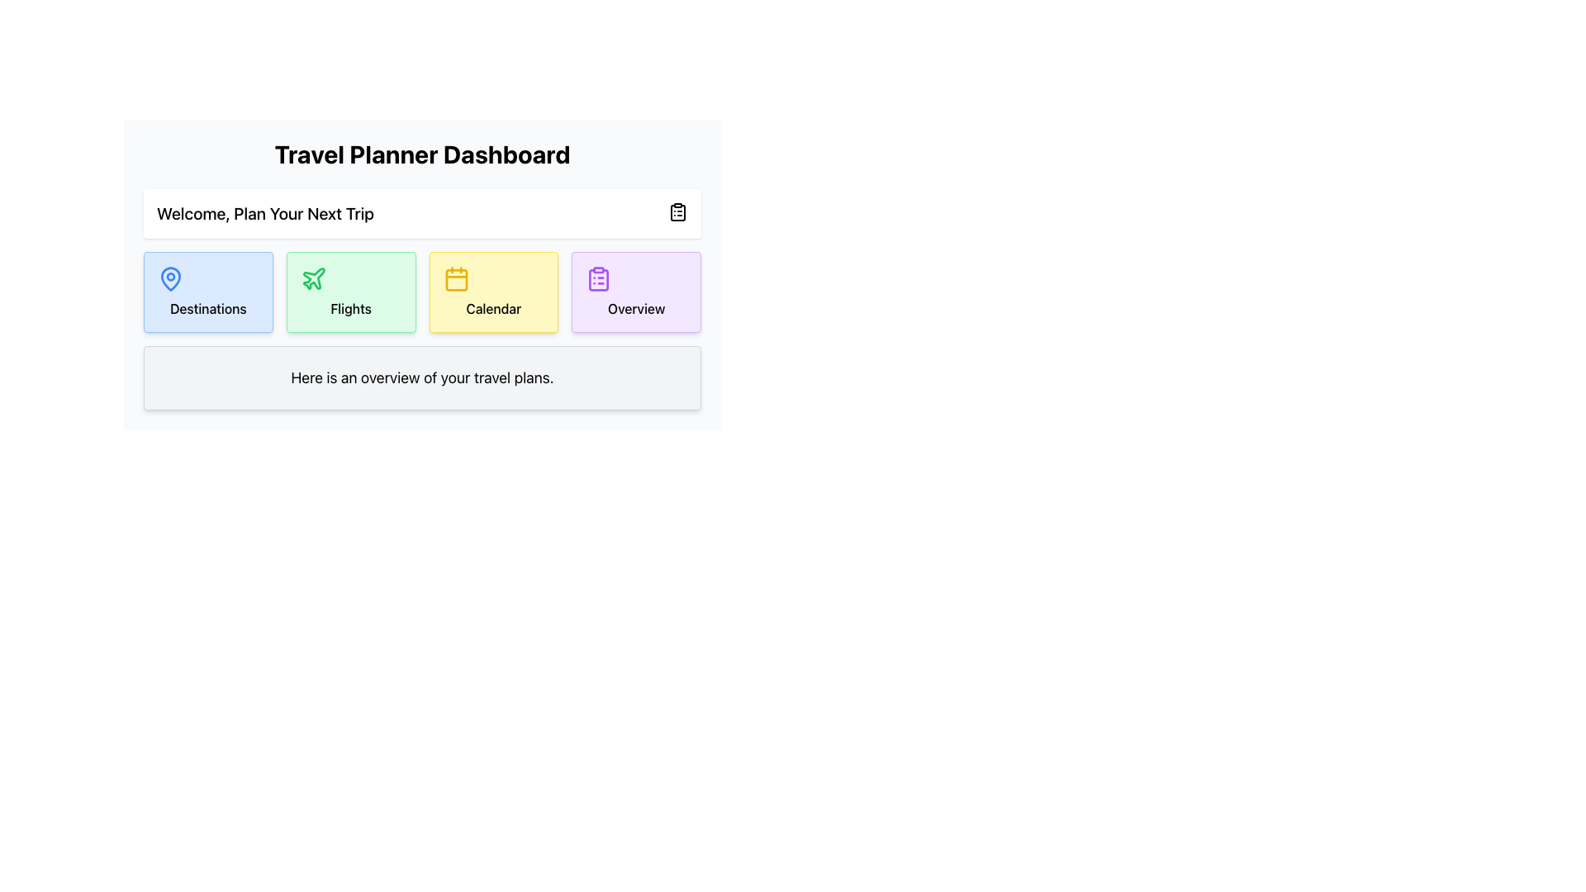  Describe the element at coordinates (598, 278) in the screenshot. I see `the clipboard-shaped icon with list entries inside, styled in purple, located in the Overview card, to interact with the feature it represents` at that location.